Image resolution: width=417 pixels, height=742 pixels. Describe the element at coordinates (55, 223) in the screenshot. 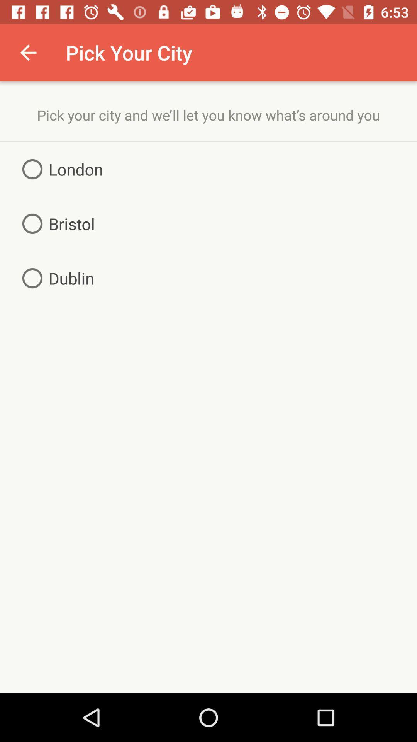

I see `bristol` at that location.